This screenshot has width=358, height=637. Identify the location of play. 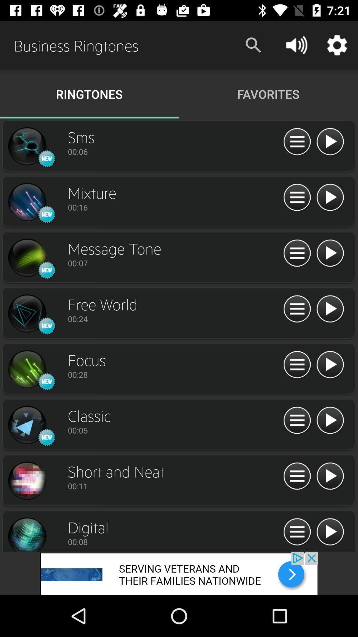
(330, 365).